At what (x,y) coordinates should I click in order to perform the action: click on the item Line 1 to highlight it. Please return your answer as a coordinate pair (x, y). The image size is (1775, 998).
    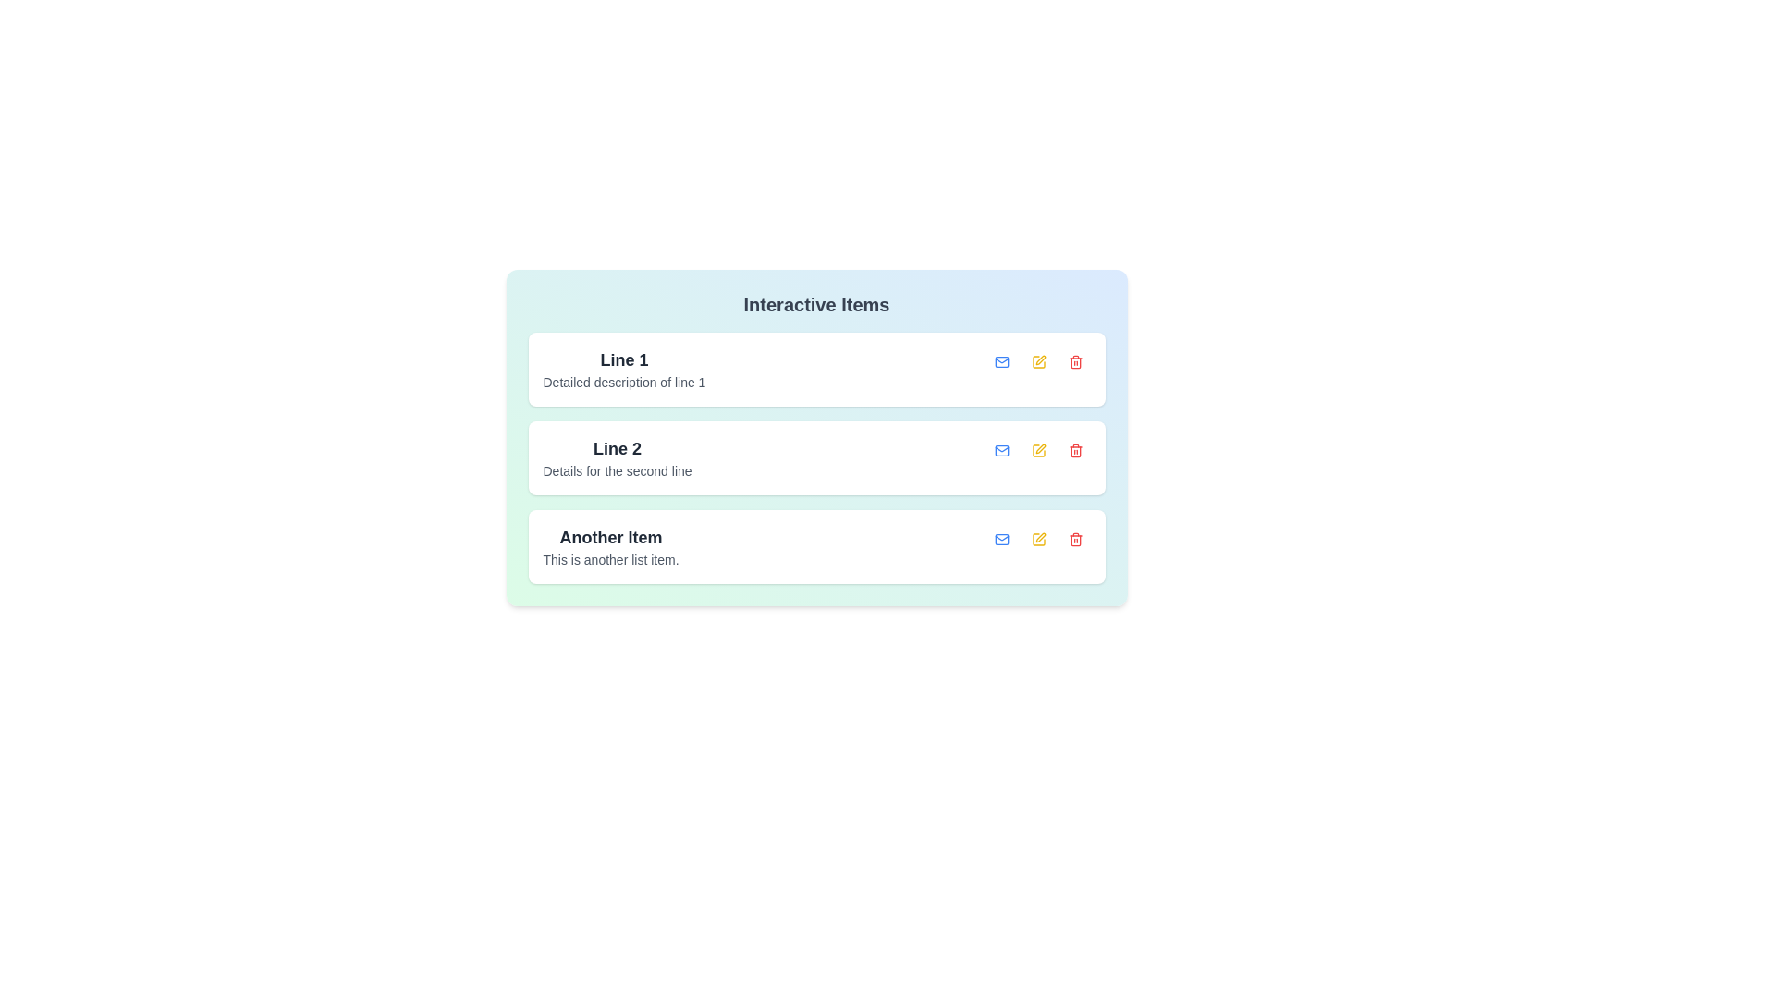
    Looking at the image, I should click on (624, 370).